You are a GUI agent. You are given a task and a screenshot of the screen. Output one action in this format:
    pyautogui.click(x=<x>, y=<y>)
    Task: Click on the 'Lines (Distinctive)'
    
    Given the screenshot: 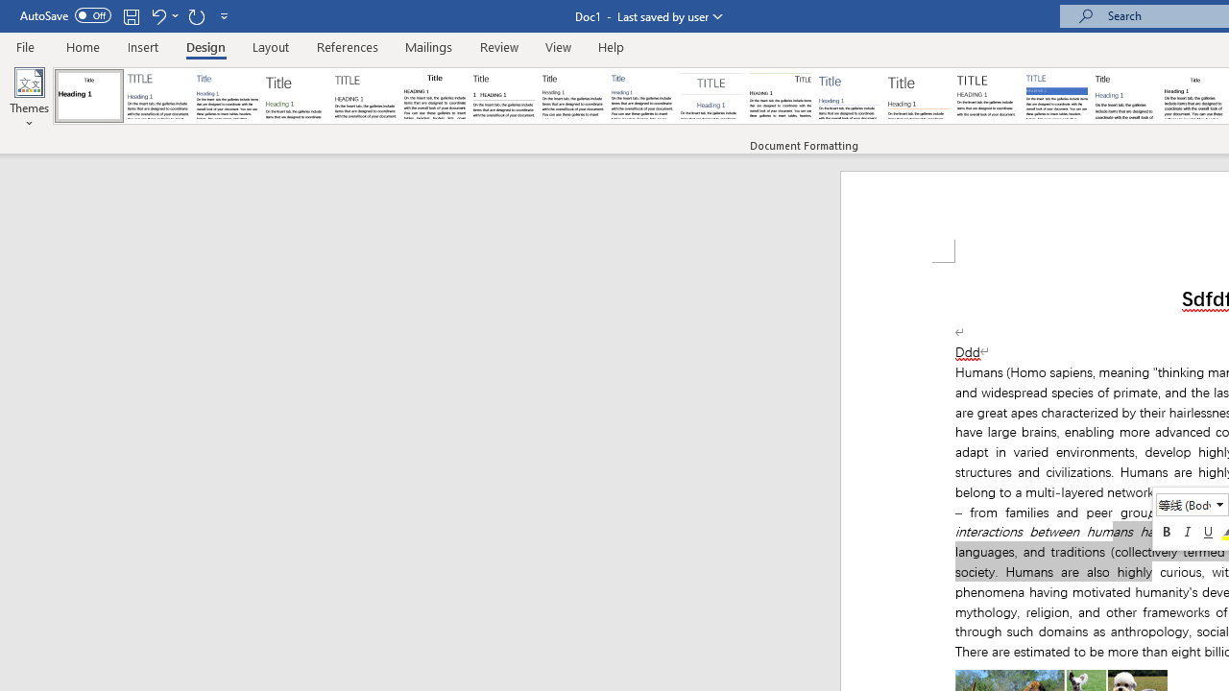 What is the action you would take?
    pyautogui.click(x=780, y=96)
    